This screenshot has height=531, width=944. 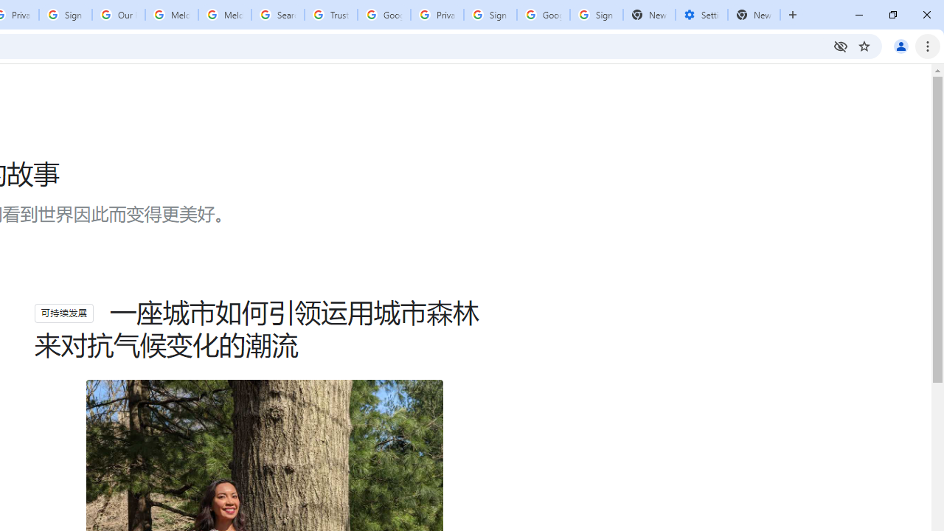 What do you see at coordinates (277, 15) in the screenshot?
I see `'Search our Doodle Library Collection - Google Doodles'` at bounding box center [277, 15].